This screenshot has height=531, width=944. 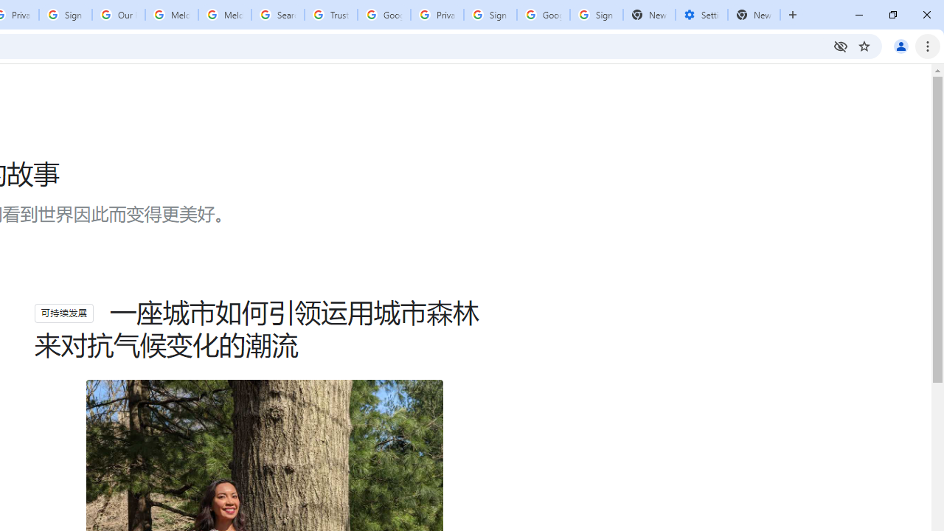 What do you see at coordinates (277, 15) in the screenshot?
I see `'Search our Doodle Library Collection - Google Doodles'` at bounding box center [277, 15].